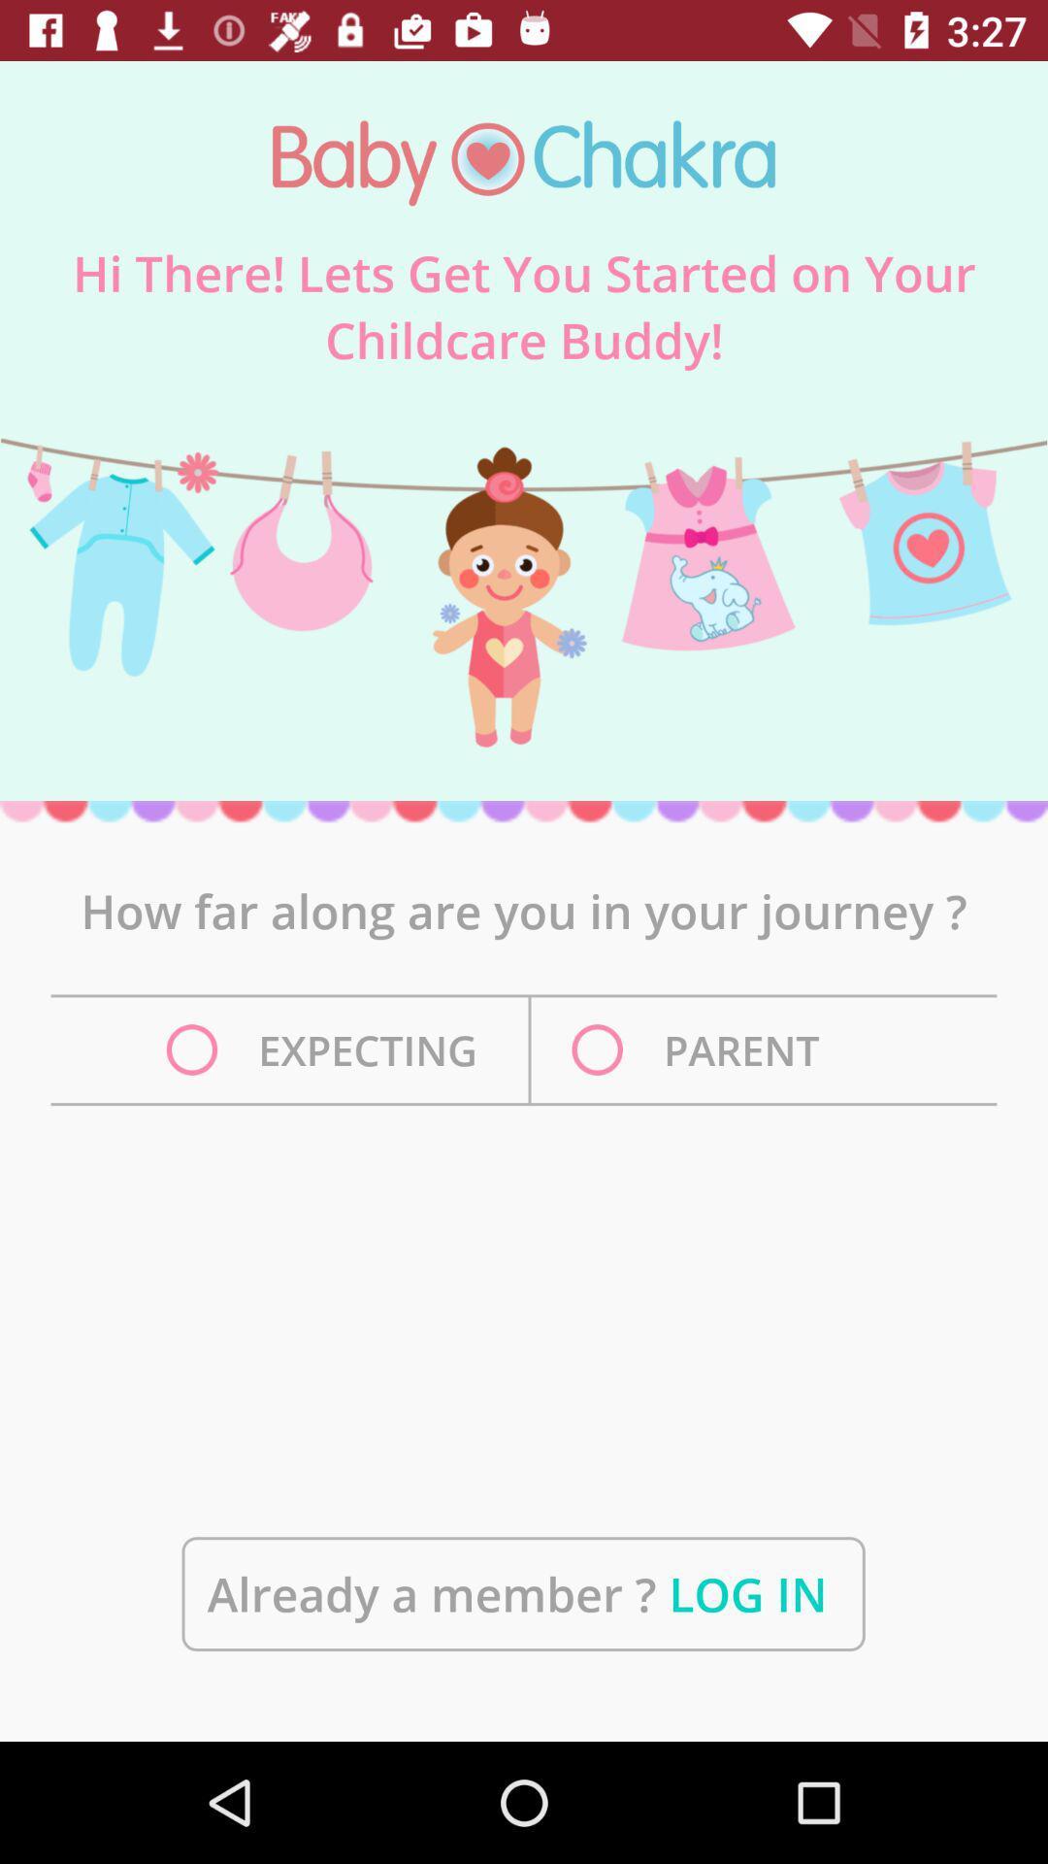 The image size is (1048, 1864). What do you see at coordinates (701, 1048) in the screenshot?
I see `icon on the right` at bounding box center [701, 1048].